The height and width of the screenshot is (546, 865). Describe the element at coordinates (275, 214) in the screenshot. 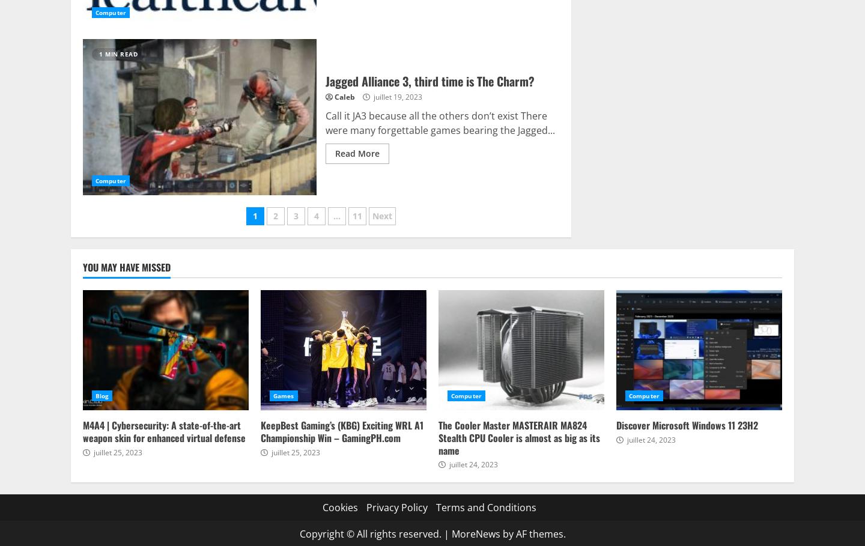

I see `'2'` at that location.